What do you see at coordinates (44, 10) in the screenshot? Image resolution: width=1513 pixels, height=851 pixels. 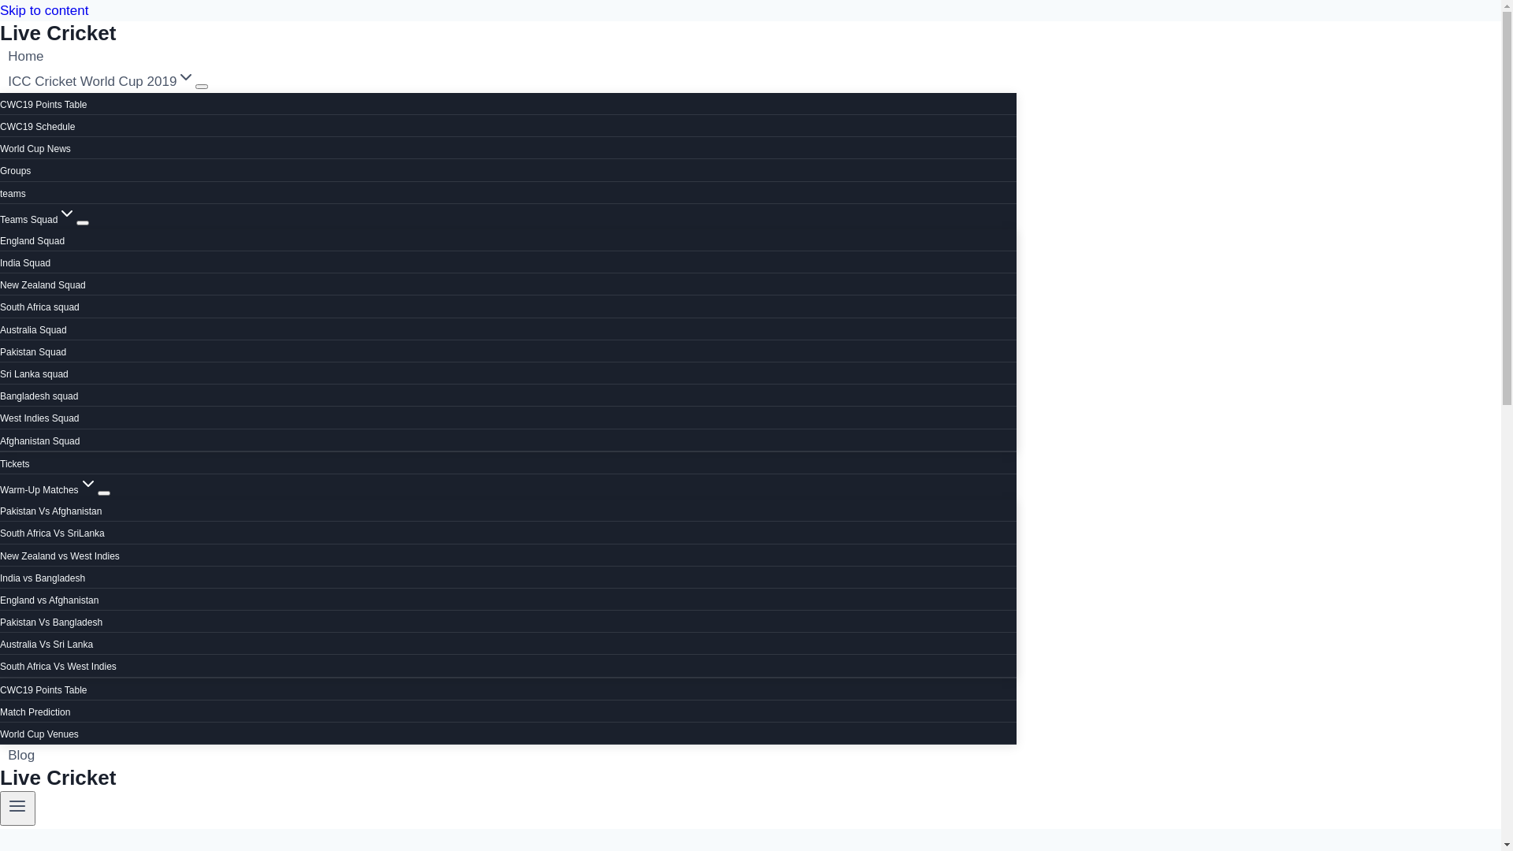 I see `'Skip to content'` at bounding box center [44, 10].